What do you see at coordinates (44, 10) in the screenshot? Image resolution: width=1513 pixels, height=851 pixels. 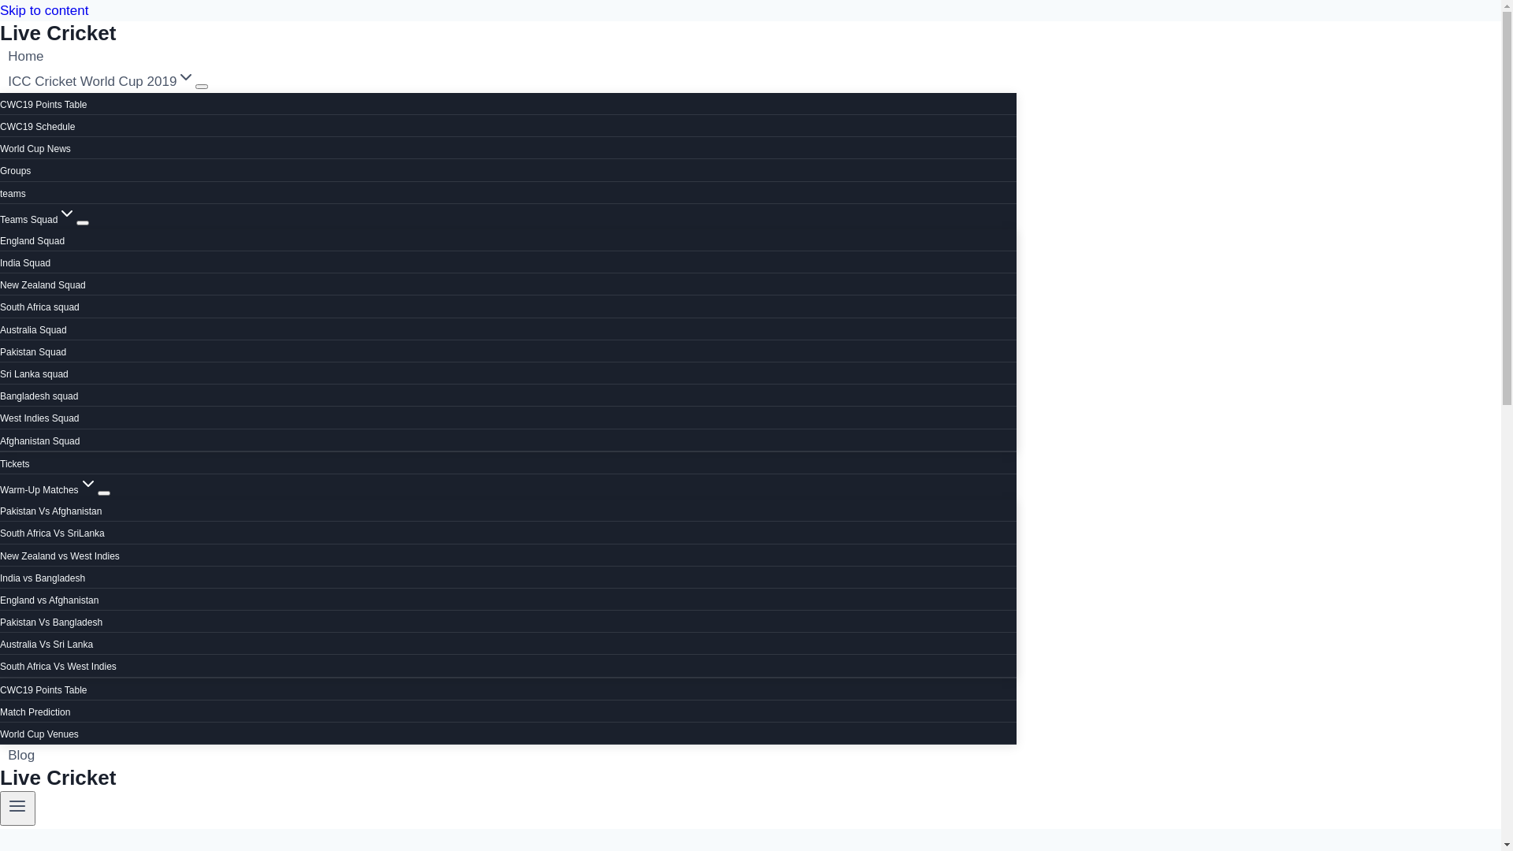 I see `'Skip to content'` at bounding box center [44, 10].